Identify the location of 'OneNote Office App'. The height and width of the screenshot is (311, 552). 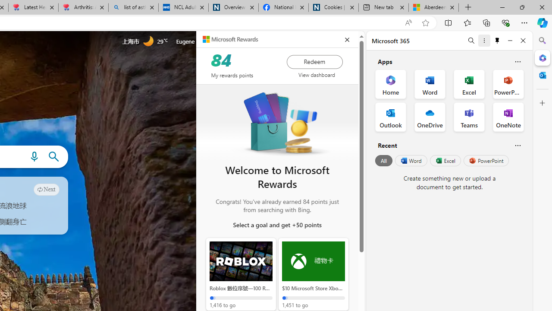
(508, 117).